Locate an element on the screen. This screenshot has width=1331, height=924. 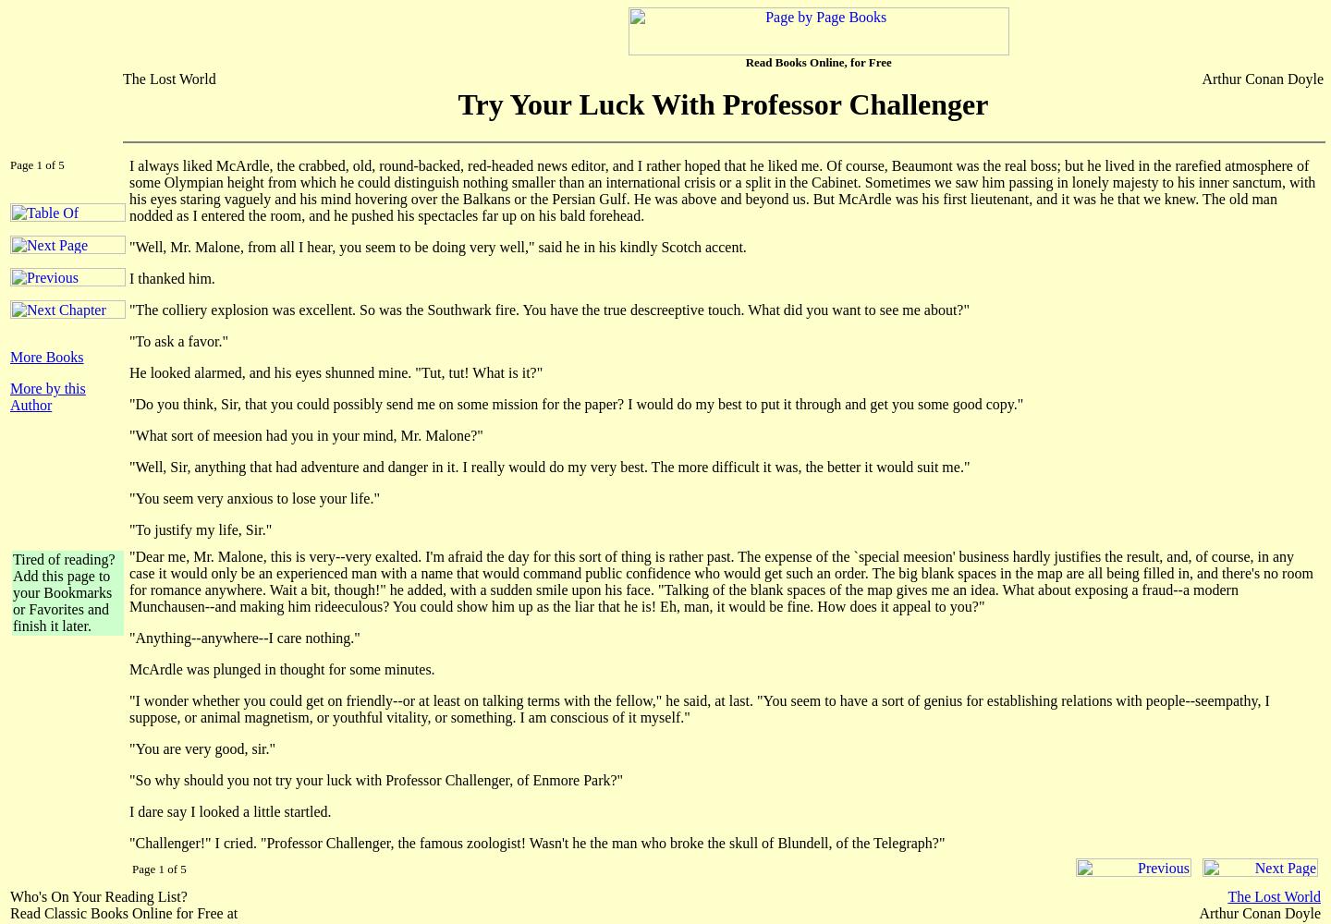
'Try Your Luck With Professor Challenger' is located at coordinates (723, 103).